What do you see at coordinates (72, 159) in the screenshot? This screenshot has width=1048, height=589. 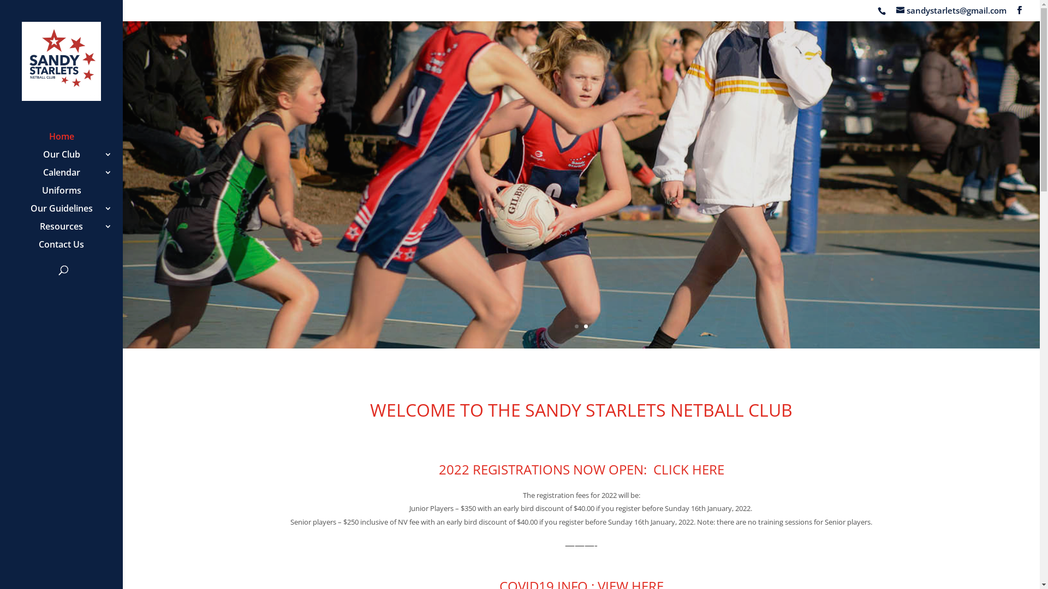 I see `'Our Club'` at bounding box center [72, 159].